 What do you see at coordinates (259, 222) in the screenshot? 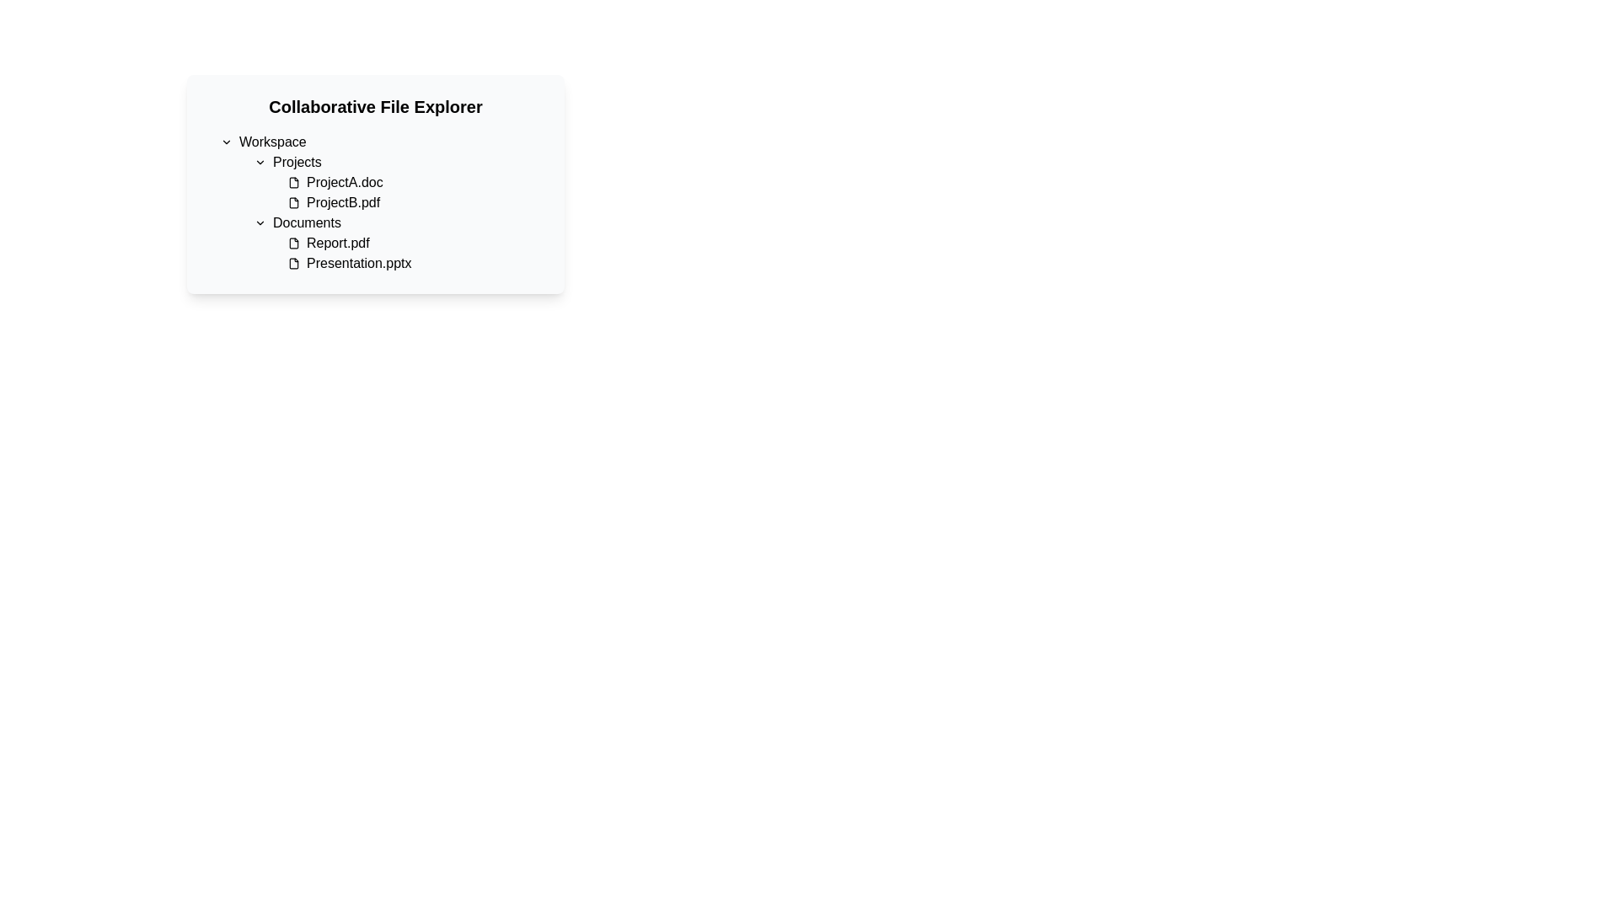
I see `the toggle icon for expanding or collapsing the content under the 'Documents' header` at bounding box center [259, 222].